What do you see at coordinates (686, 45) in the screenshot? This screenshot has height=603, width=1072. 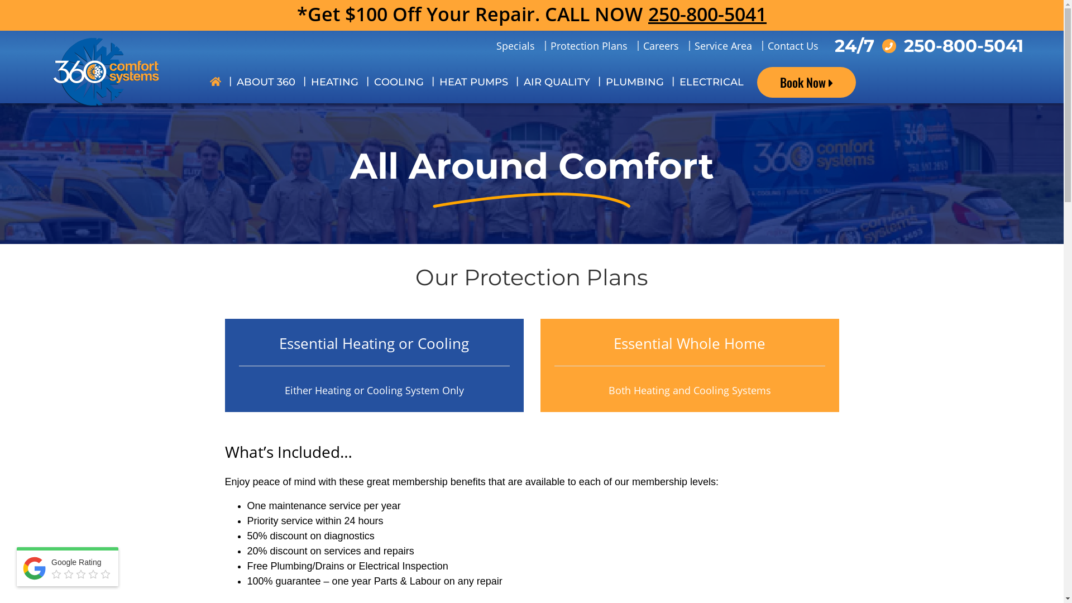 I see `'Service Area'` at bounding box center [686, 45].